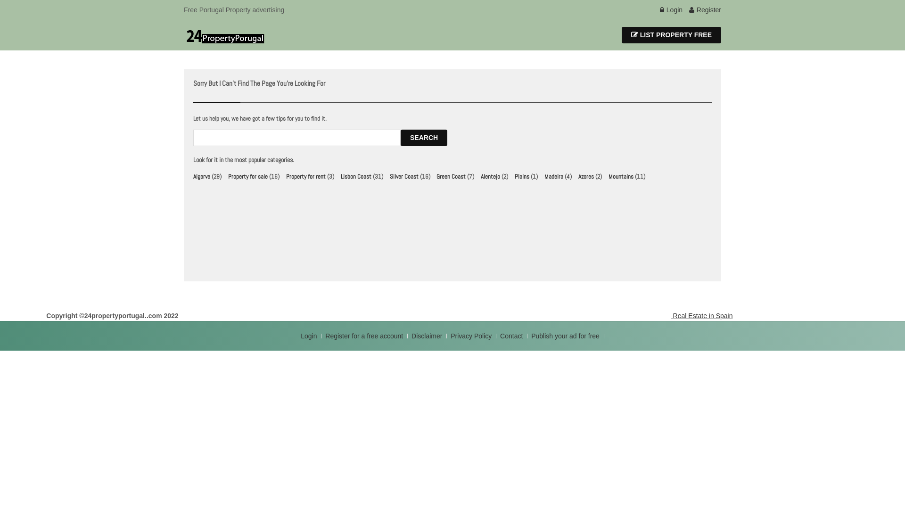 The height and width of the screenshot is (509, 905). I want to click on 'Publish your ad for free', so click(566, 336).